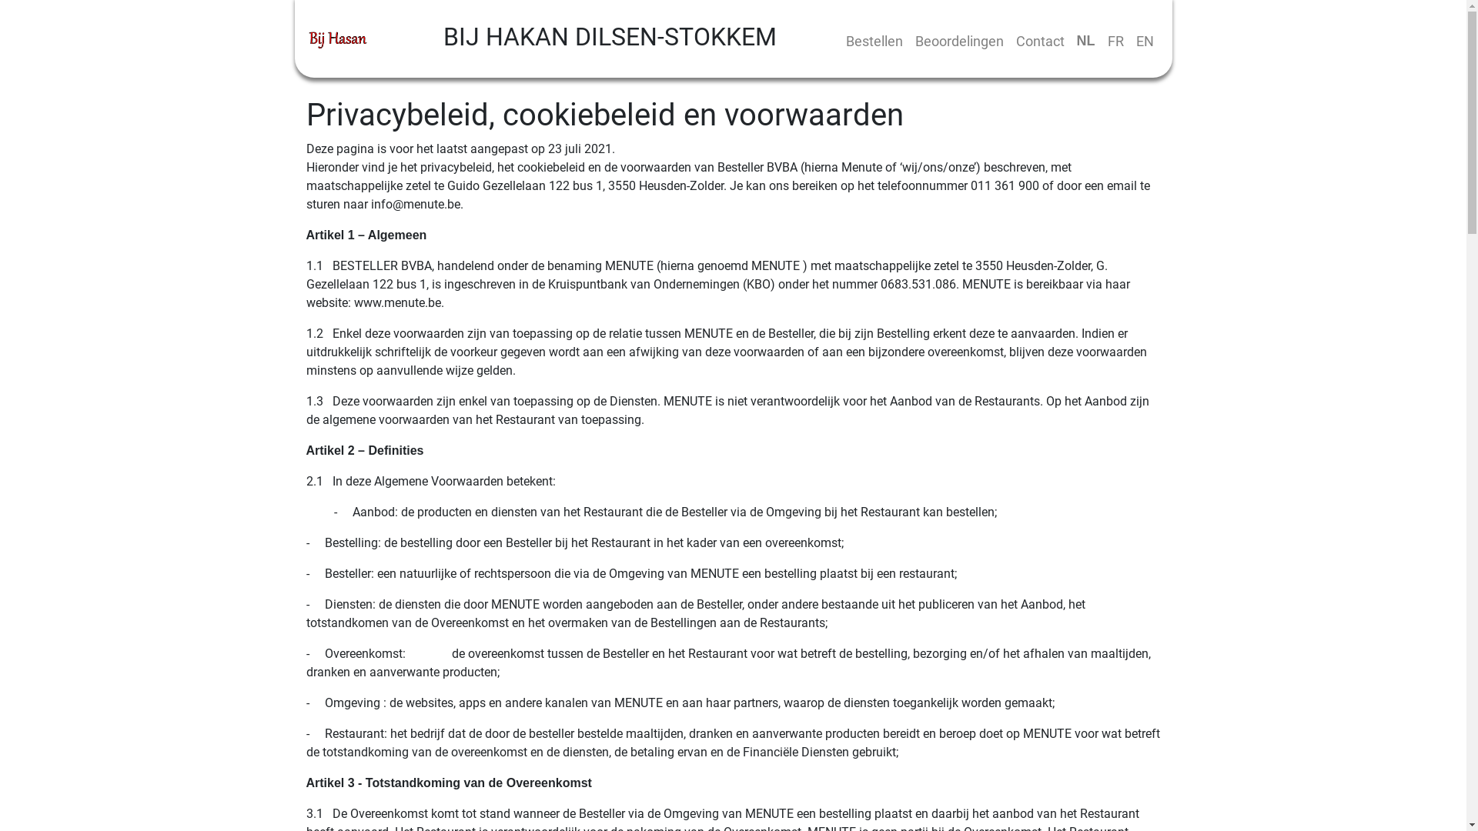 This screenshot has height=831, width=1478. Describe the element at coordinates (1115, 40) in the screenshot. I see `'FR'` at that location.